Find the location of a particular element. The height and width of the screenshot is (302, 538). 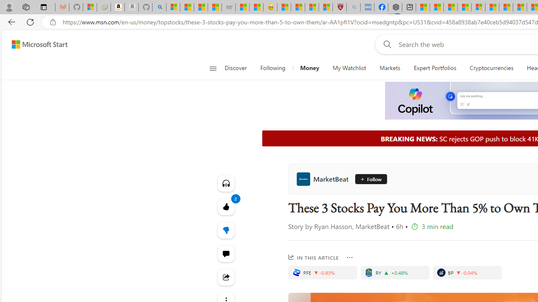

'Listen to this article' is located at coordinates (226, 183).